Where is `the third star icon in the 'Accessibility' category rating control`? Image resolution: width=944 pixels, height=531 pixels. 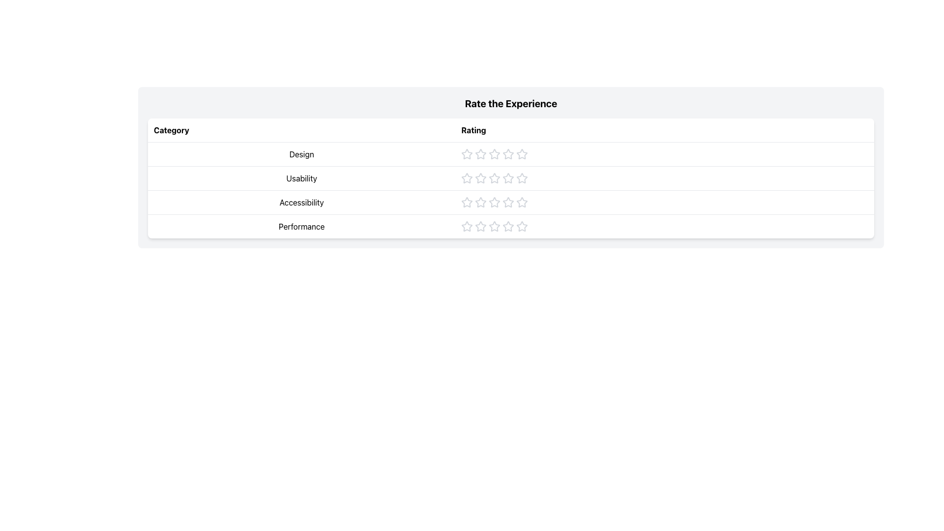 the third star icon in the 'Accessibility' category rating control is located at coordinates (522, 202).